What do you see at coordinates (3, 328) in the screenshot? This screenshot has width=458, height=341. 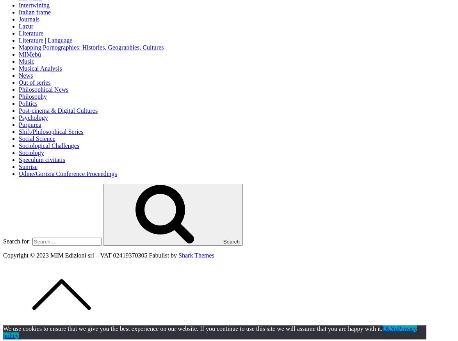 I see `'We use cookies to ensure that we give you the best experience on our website. If you continue to use this site we will assume that you are happy with it.'` at bounding box center [3, 328].